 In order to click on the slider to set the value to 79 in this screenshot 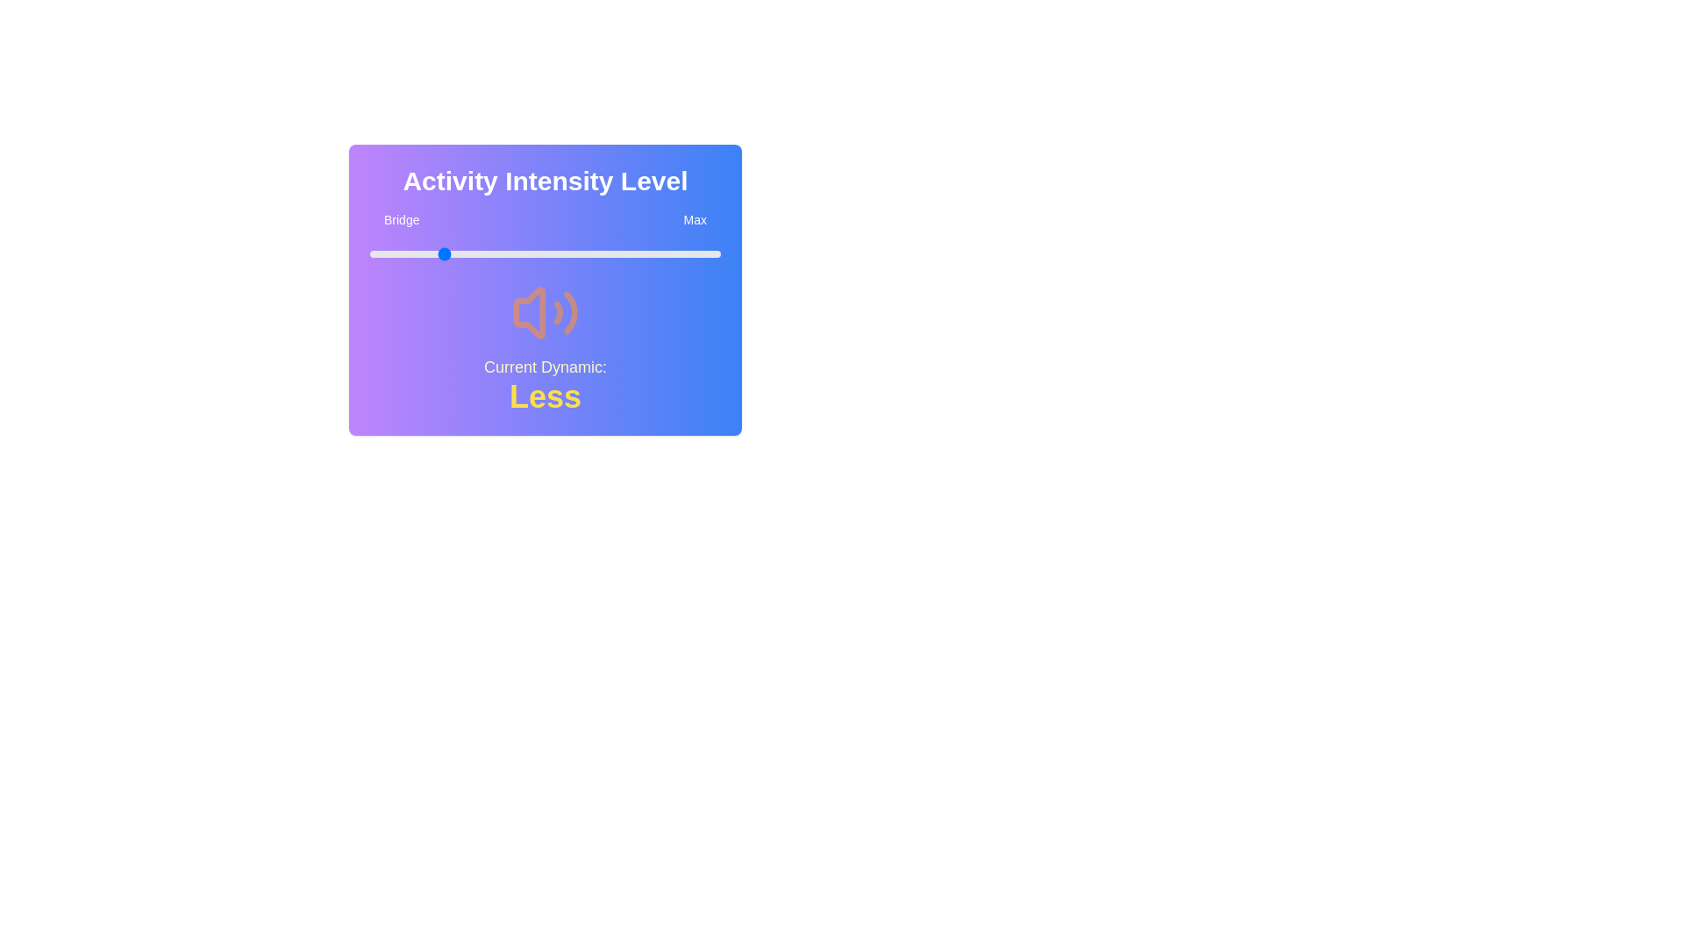, I will do `click(646, 253)`.